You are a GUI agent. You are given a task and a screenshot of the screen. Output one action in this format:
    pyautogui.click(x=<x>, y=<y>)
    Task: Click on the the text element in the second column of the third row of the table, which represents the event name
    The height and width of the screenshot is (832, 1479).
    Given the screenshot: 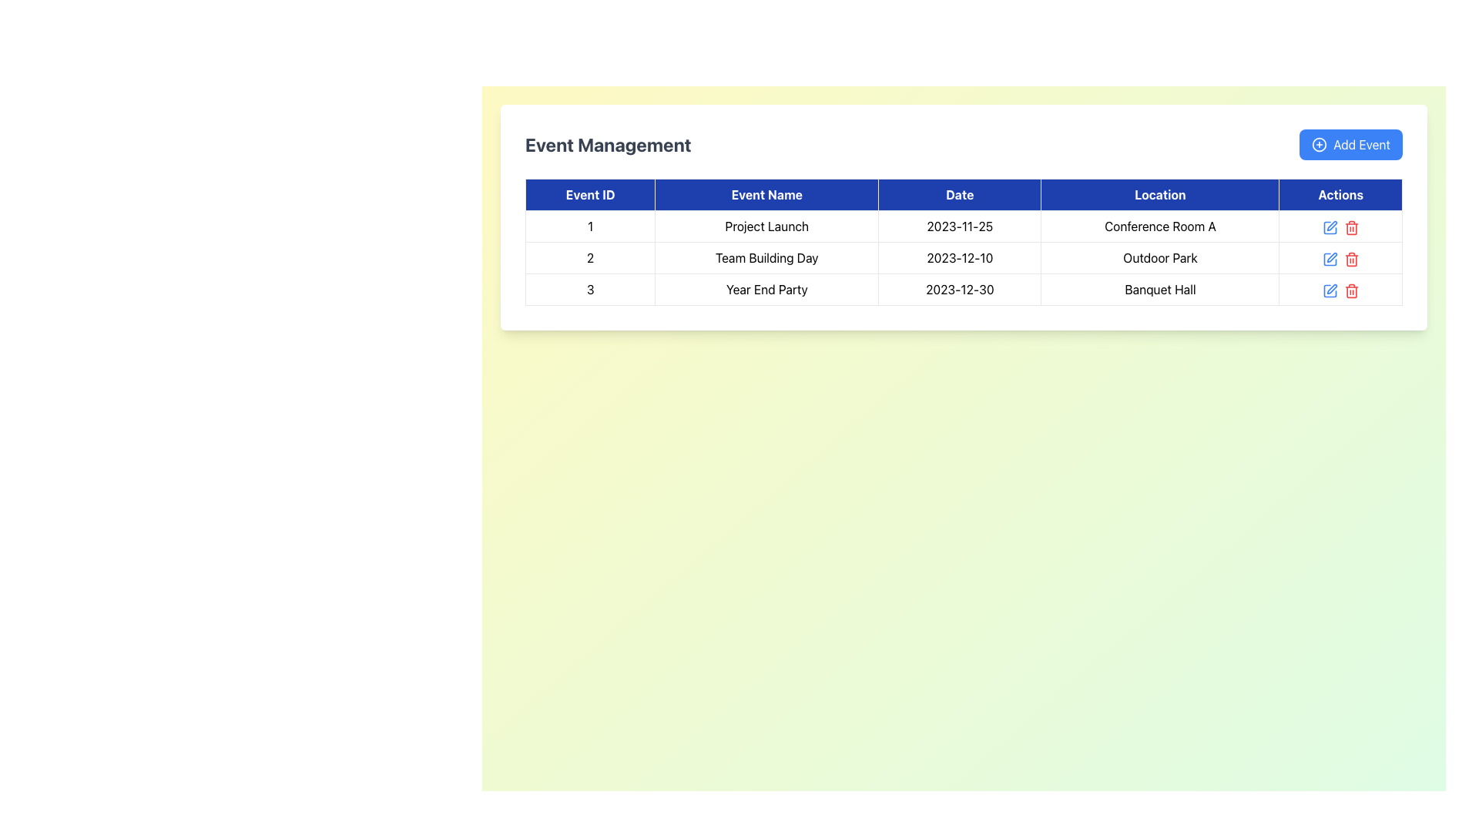 What is the action you would take?
    pyautogui.click(x=766, y=289)
    